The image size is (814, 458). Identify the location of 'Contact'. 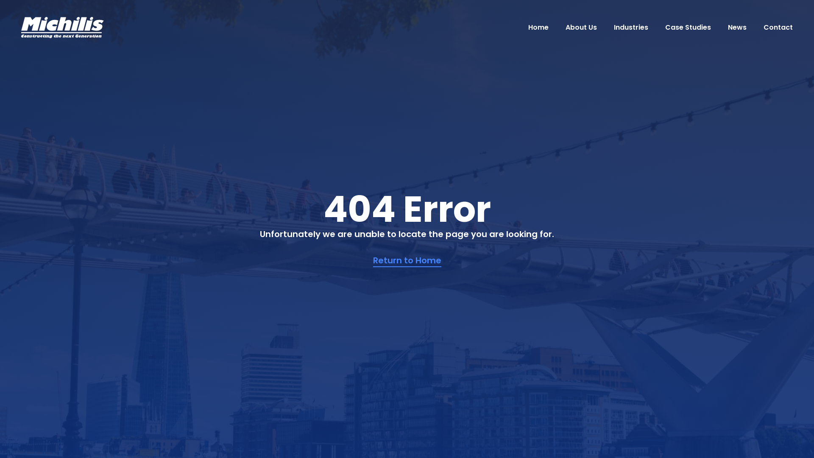
(763, 27).